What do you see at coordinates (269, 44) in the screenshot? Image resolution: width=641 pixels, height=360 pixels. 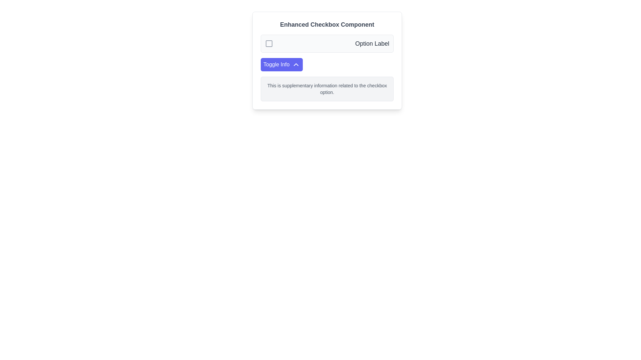 I see `the unselected checkbox icon with a gray outline located to the left of the 'Option Label'` at bounding box center [269, 44].